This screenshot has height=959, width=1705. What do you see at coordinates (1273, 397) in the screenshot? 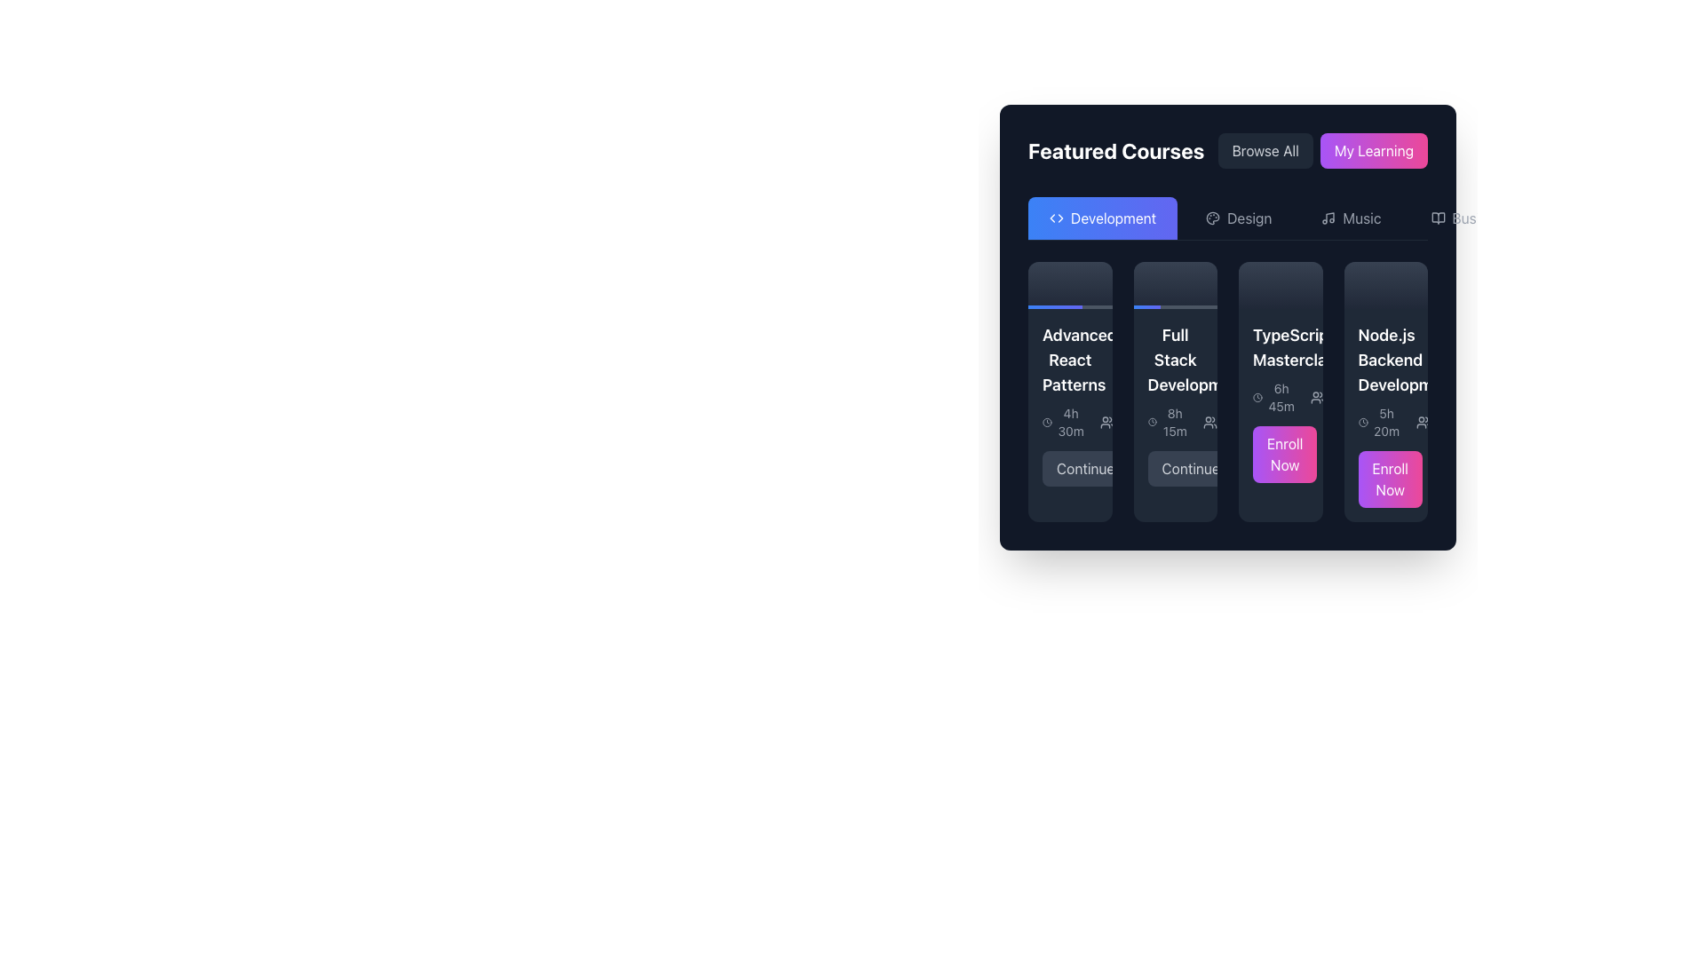
I see `the textual label displaying the course duration for the 'TypeScript Masterclass', which is located above the 'Enroll Now' button and has a clock icon to the left` at bounding box center [1273, 397].